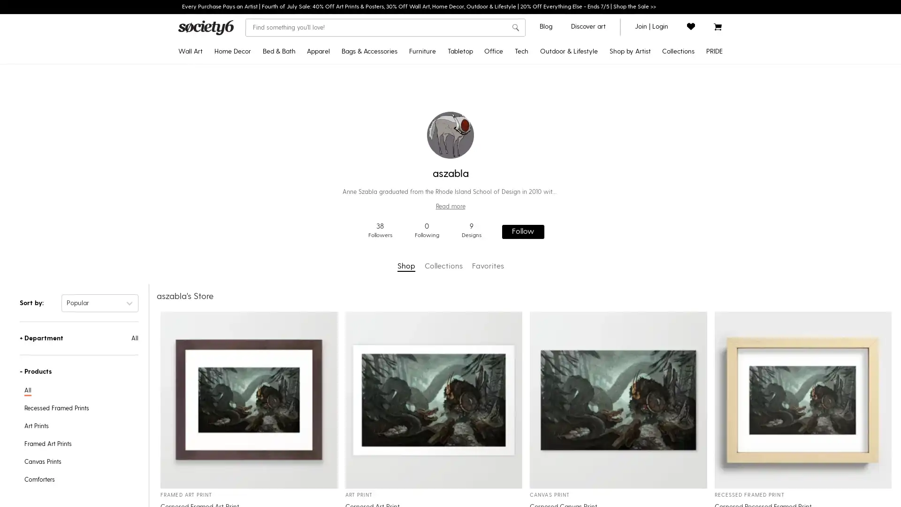 The image size is (901, 507). What do you see at coordinates (643, 242) in the screenshot?
I see `Discover Cotton Bedding` at bounding box center [643, 242].